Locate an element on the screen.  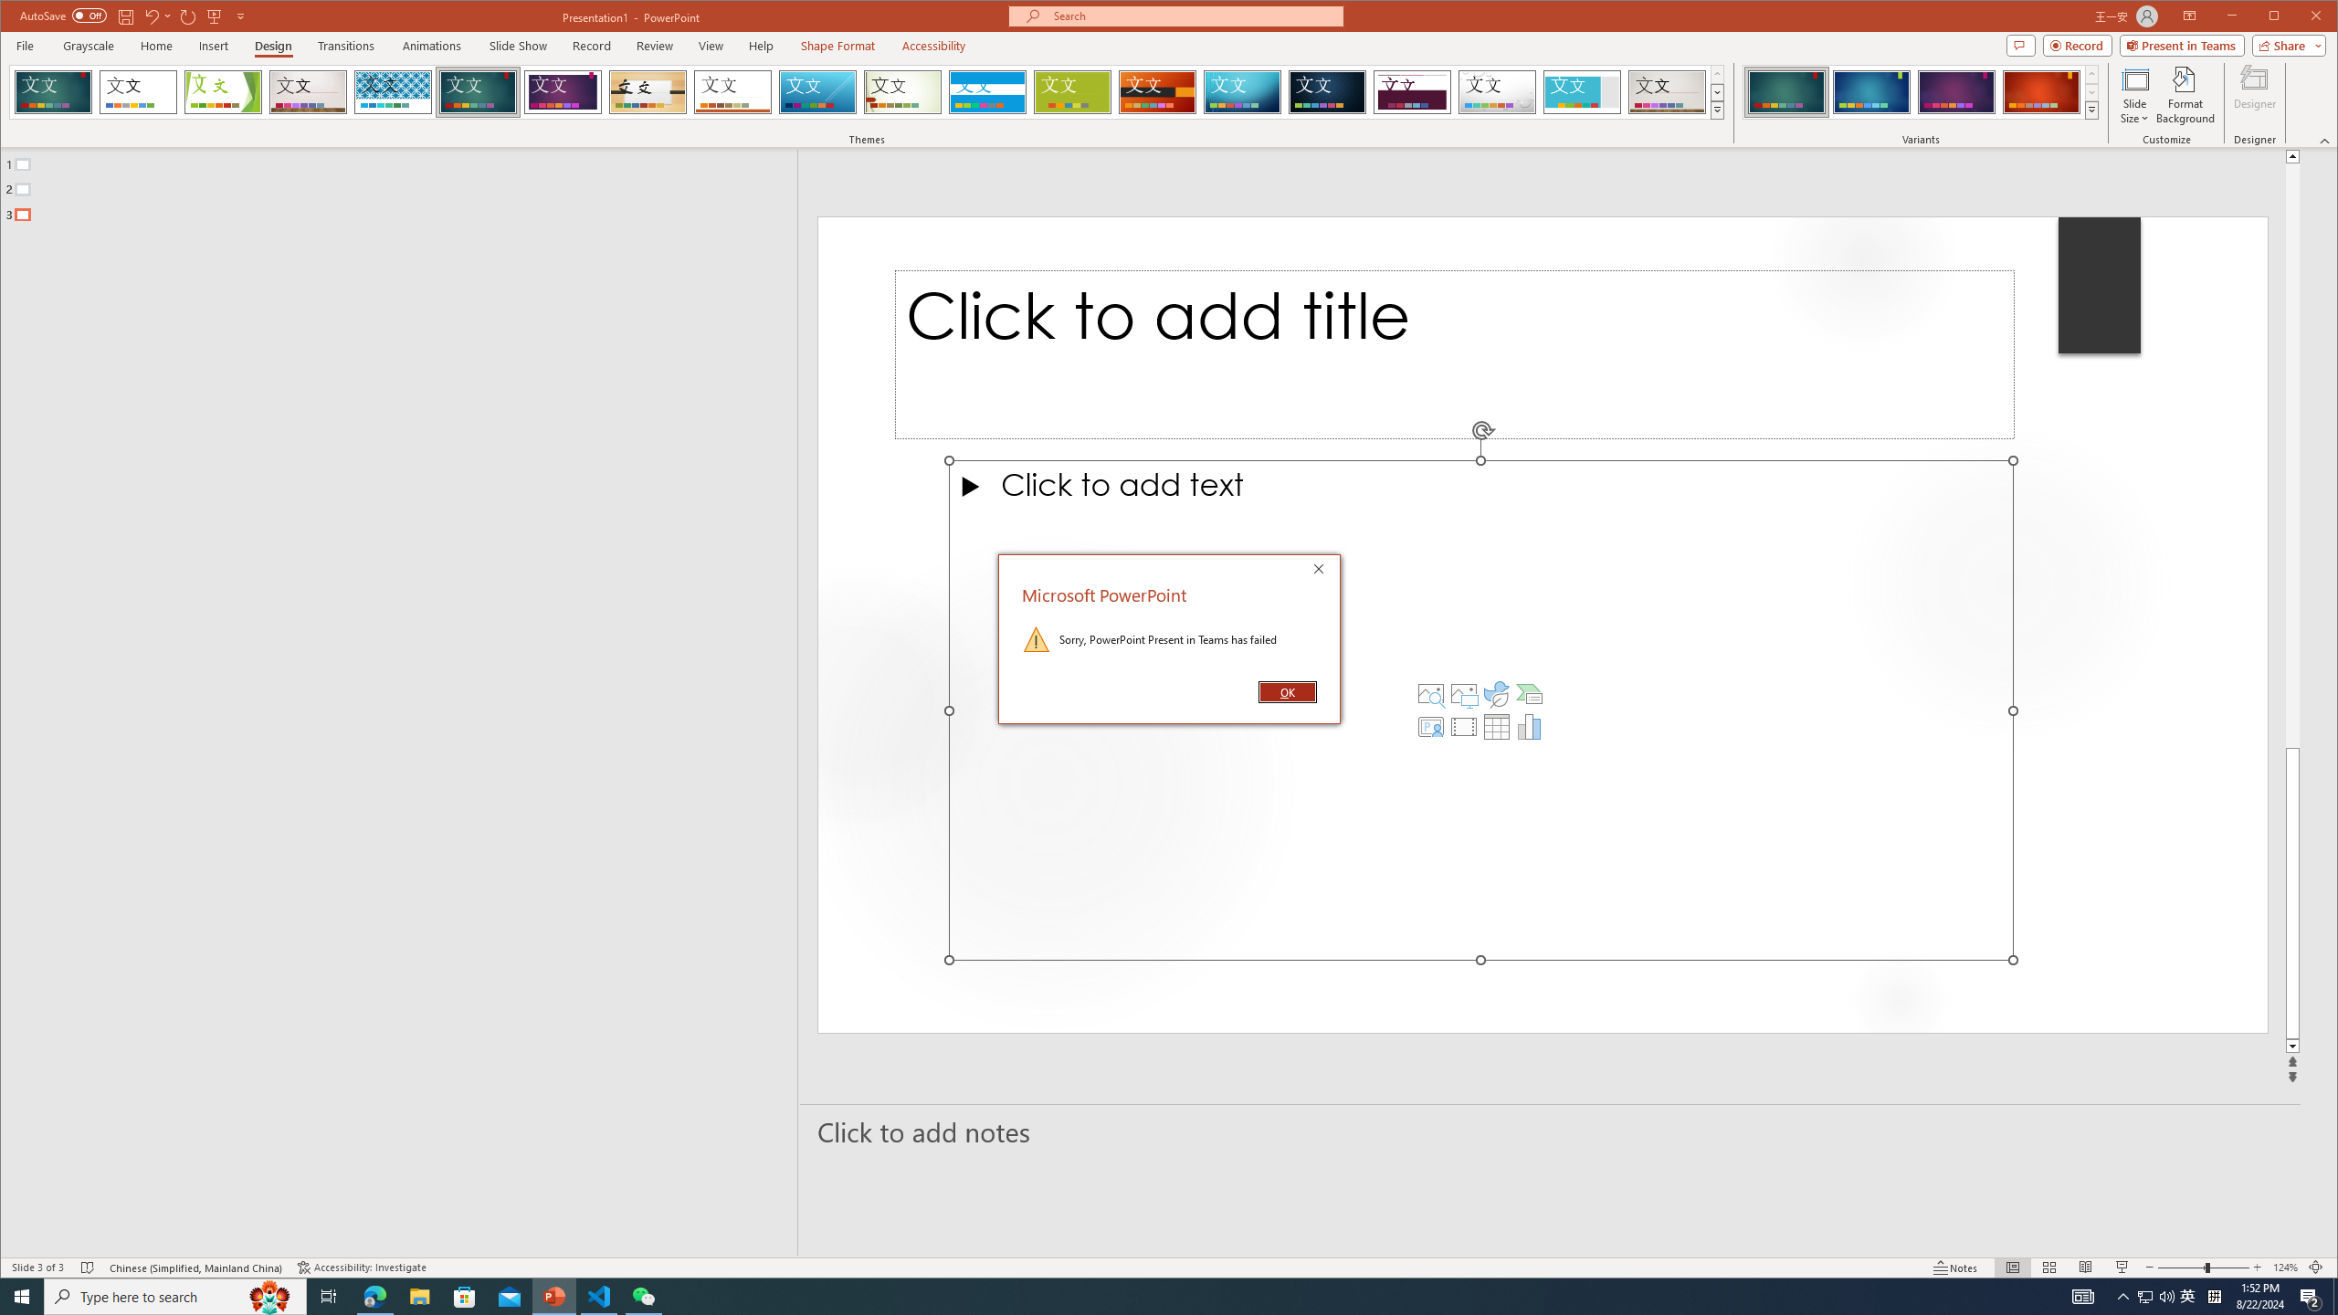
'Themes' is located at coordinates (1717, 109).